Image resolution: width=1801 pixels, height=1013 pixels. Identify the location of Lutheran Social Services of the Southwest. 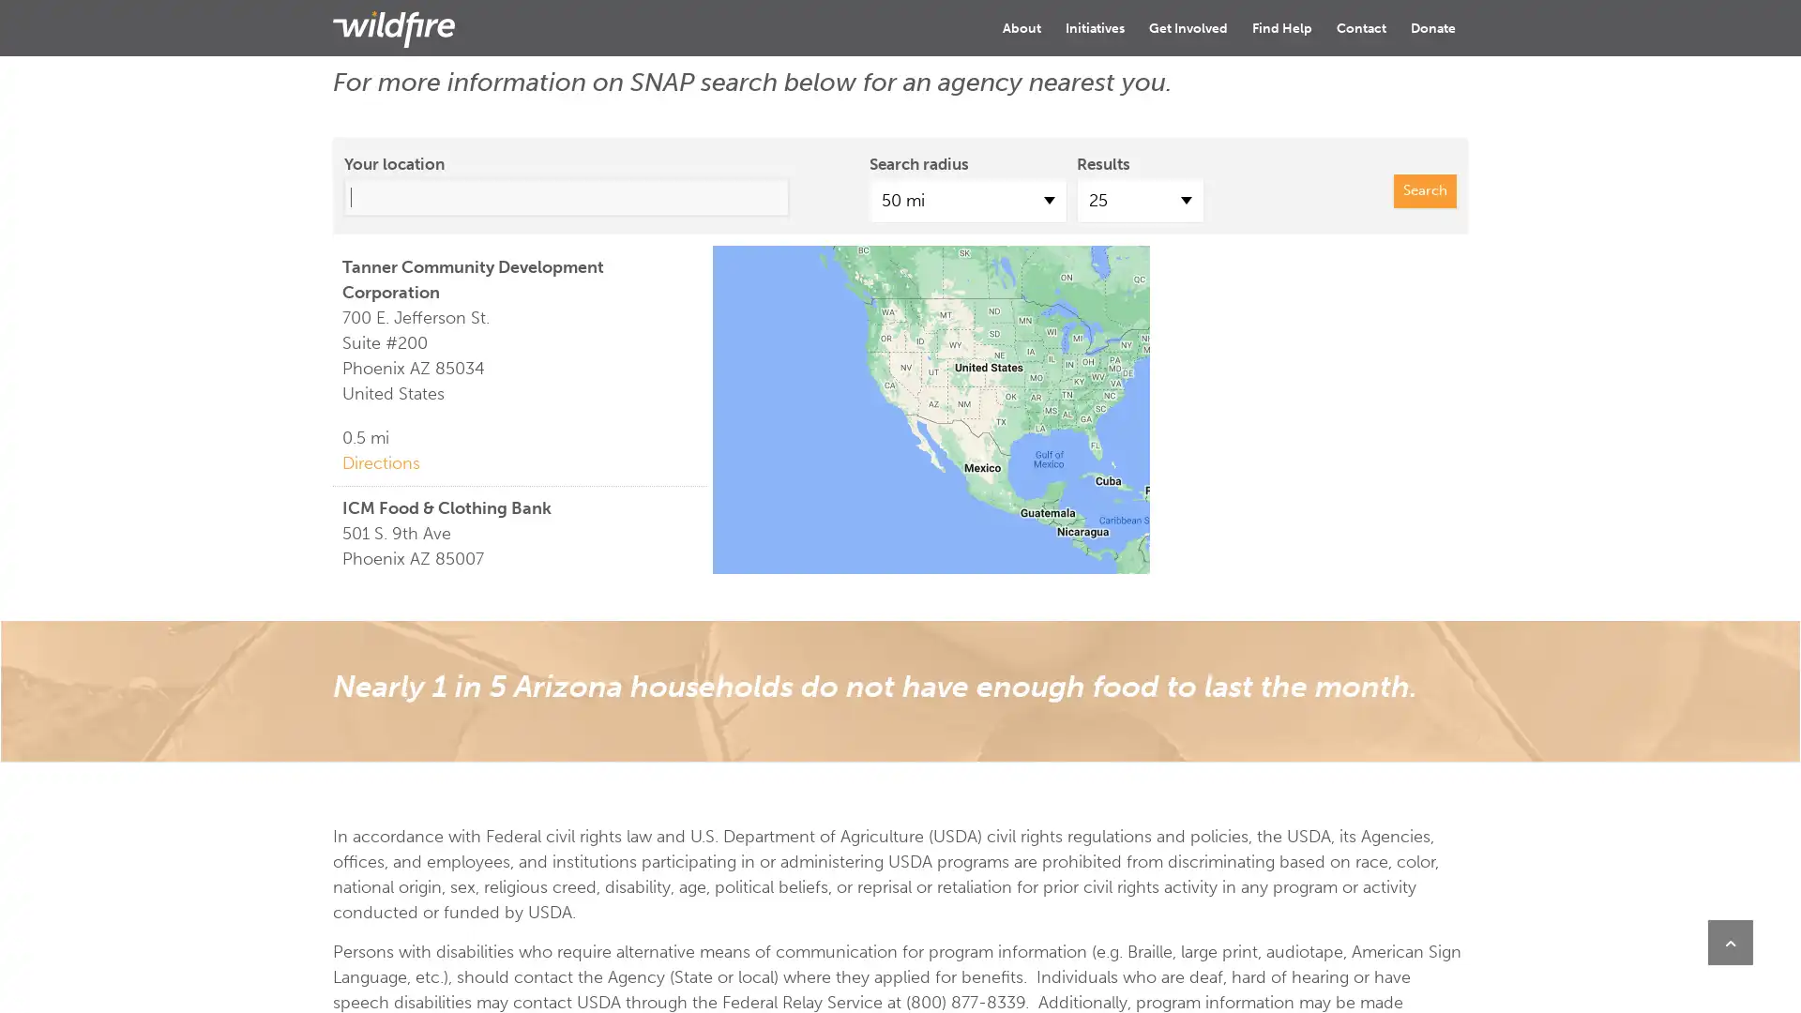
(1128, 370).